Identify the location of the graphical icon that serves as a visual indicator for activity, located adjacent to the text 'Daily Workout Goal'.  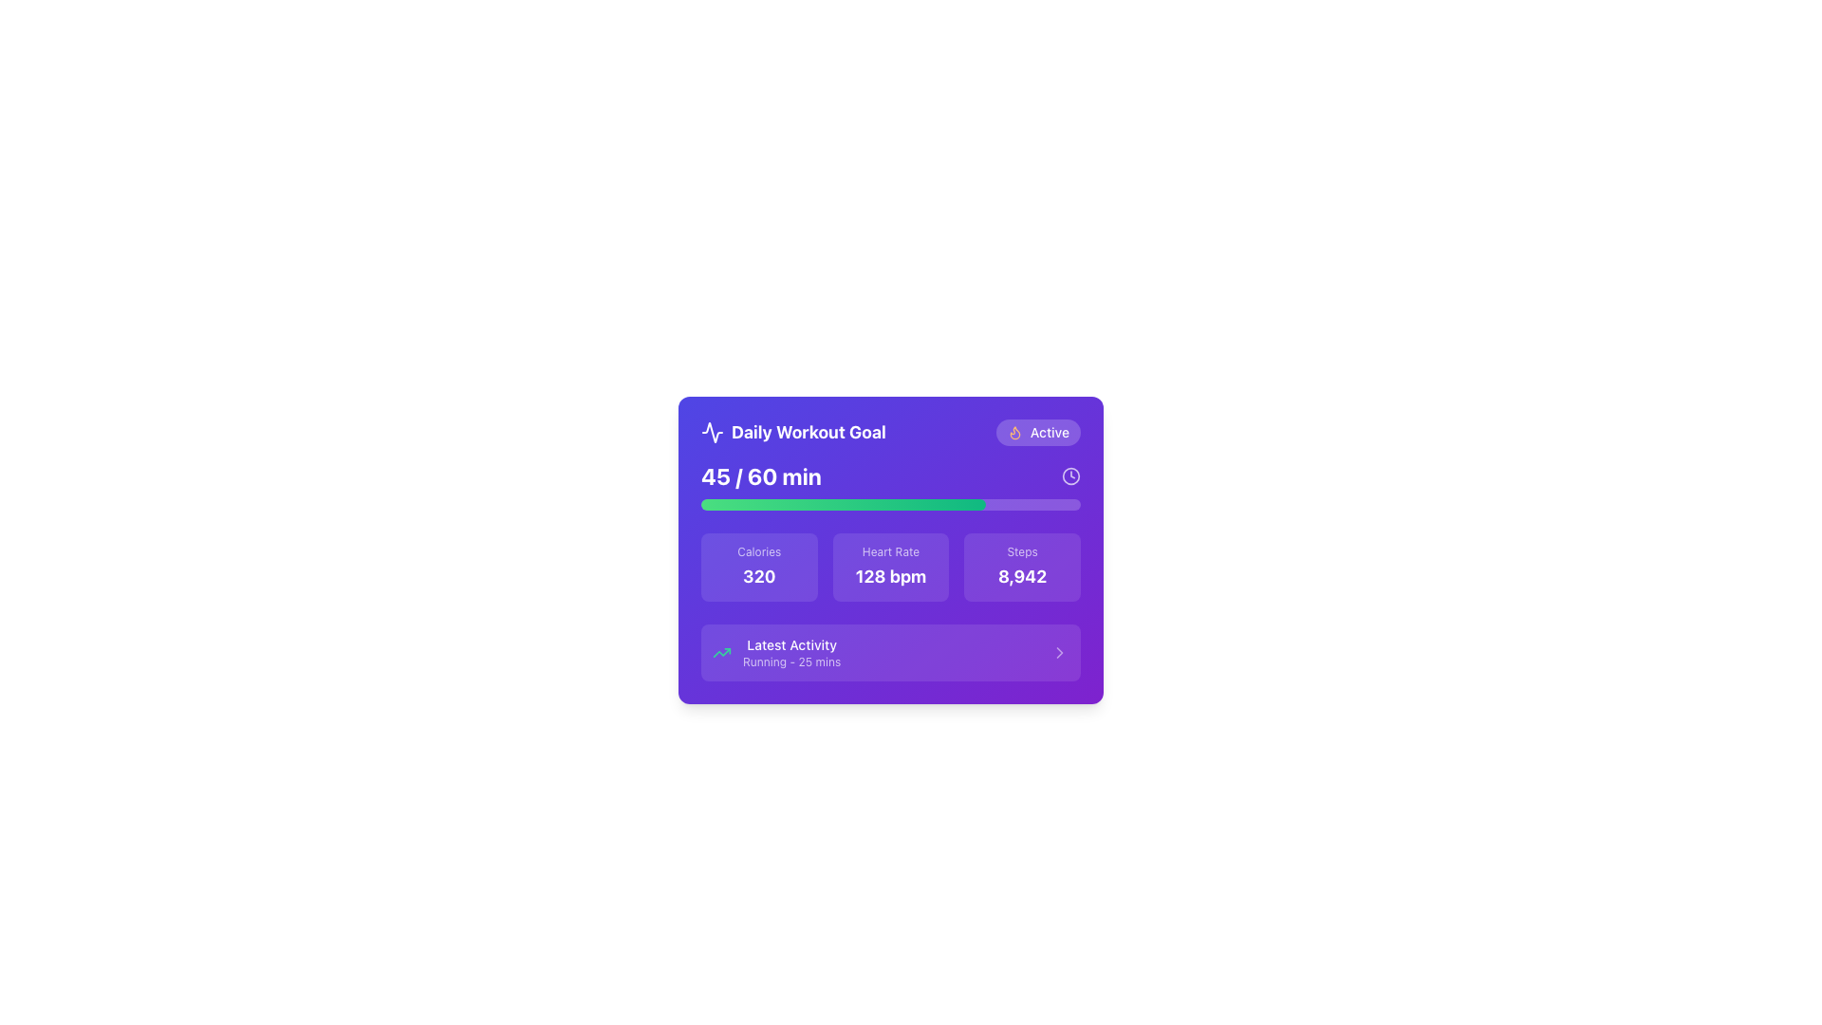
(711, 432).